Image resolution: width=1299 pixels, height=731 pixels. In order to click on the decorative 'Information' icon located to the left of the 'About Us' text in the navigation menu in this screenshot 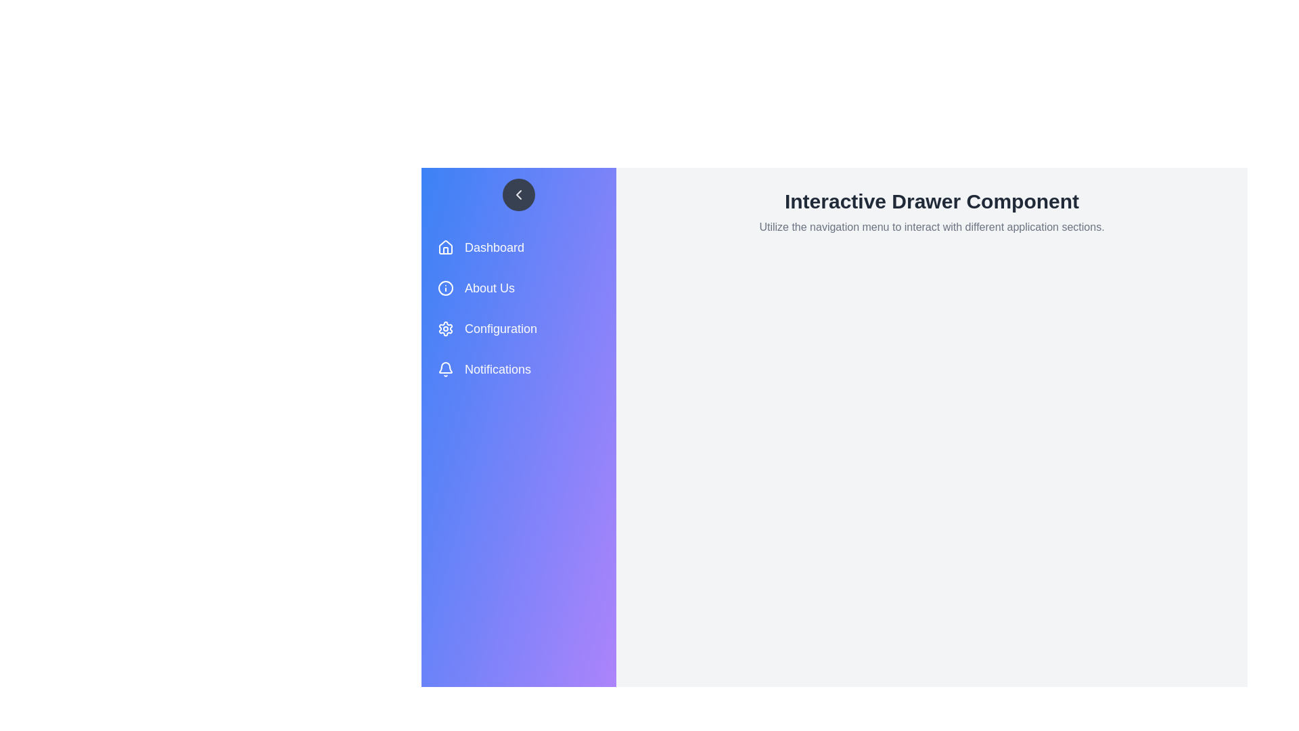, I will do `click(445, 287)`.